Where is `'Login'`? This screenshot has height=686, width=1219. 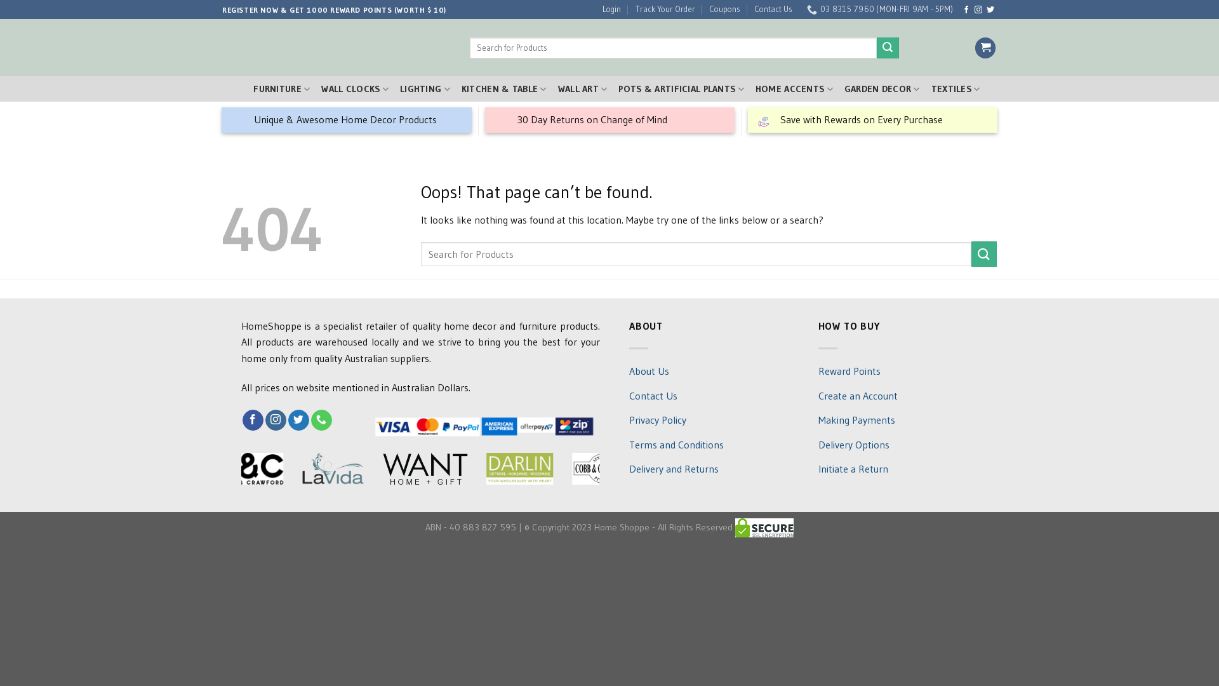
'Login' is located at coordinates (606, 10).